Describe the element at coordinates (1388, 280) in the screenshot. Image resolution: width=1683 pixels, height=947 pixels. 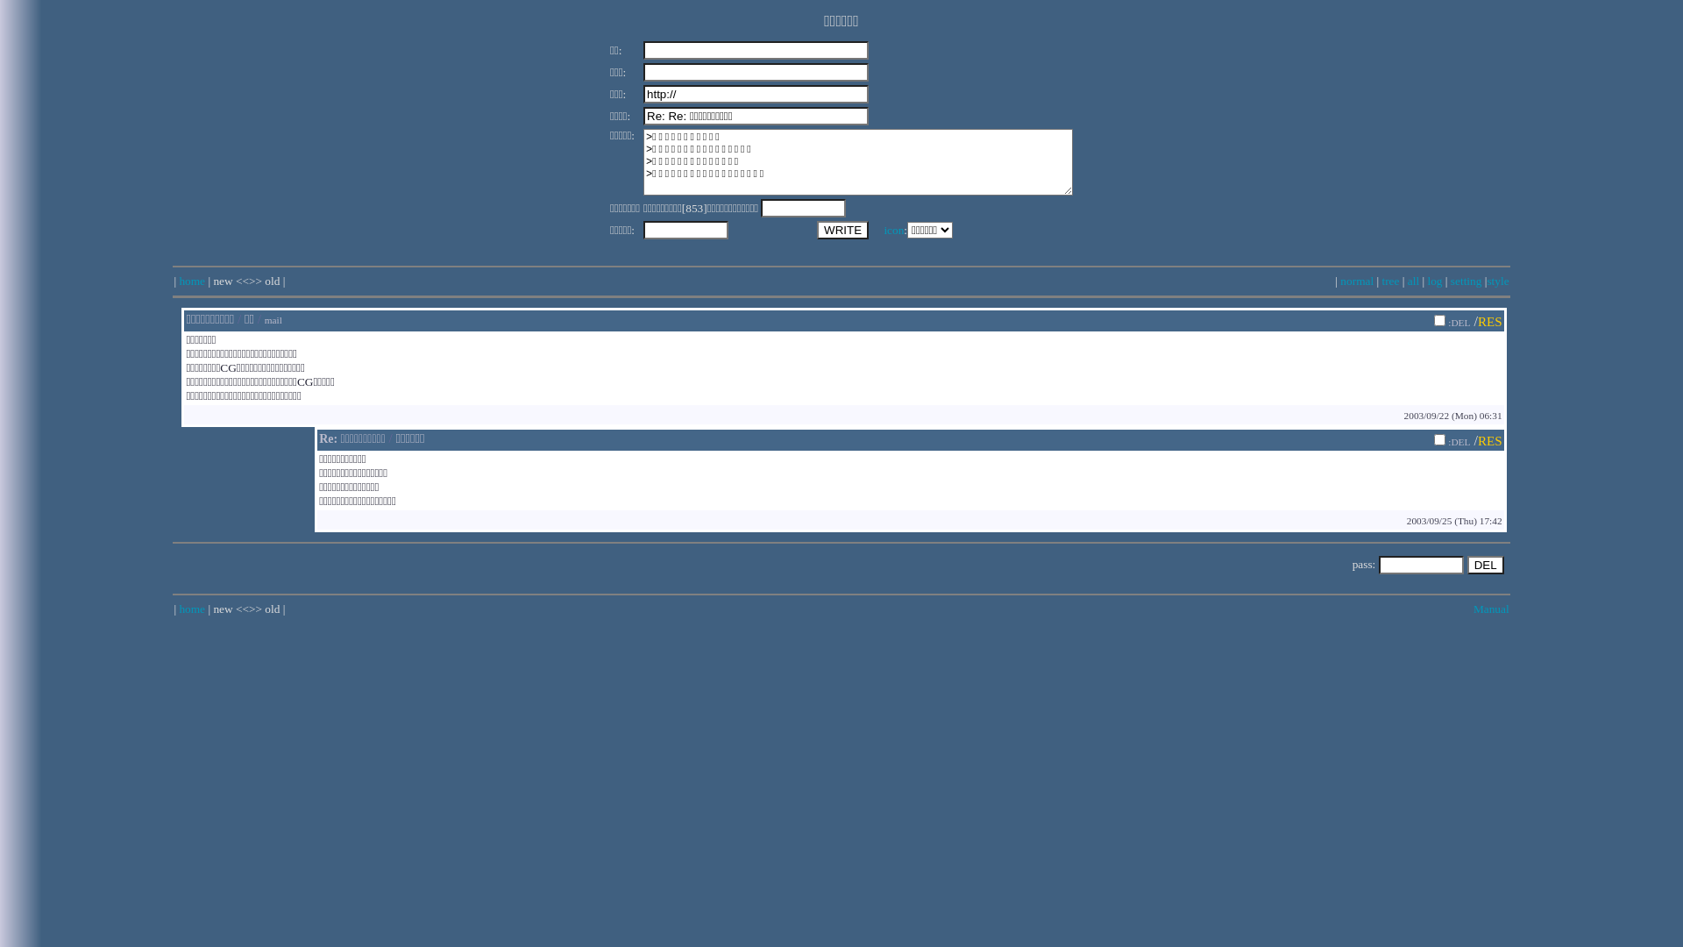
I see `'tree'` at that location.